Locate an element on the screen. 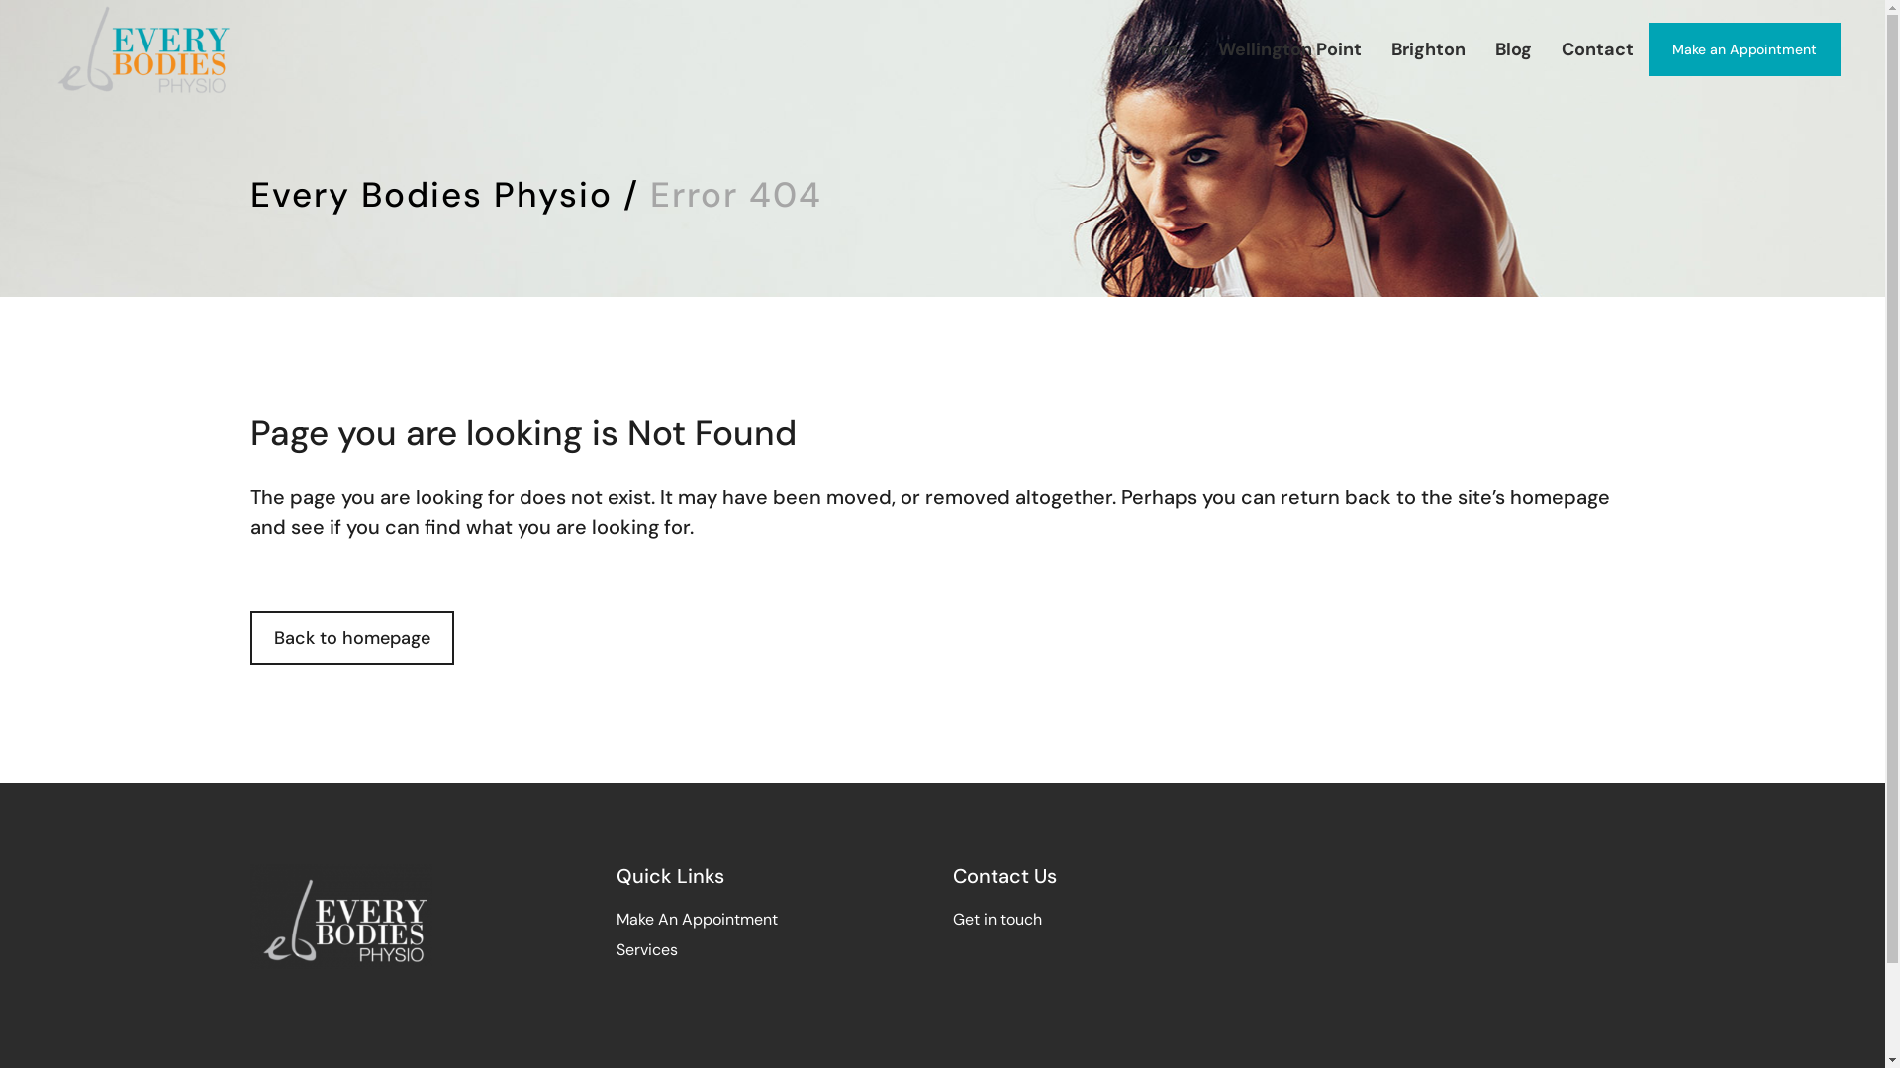  'Make An Appointment' is located at coordinates (696, 919).